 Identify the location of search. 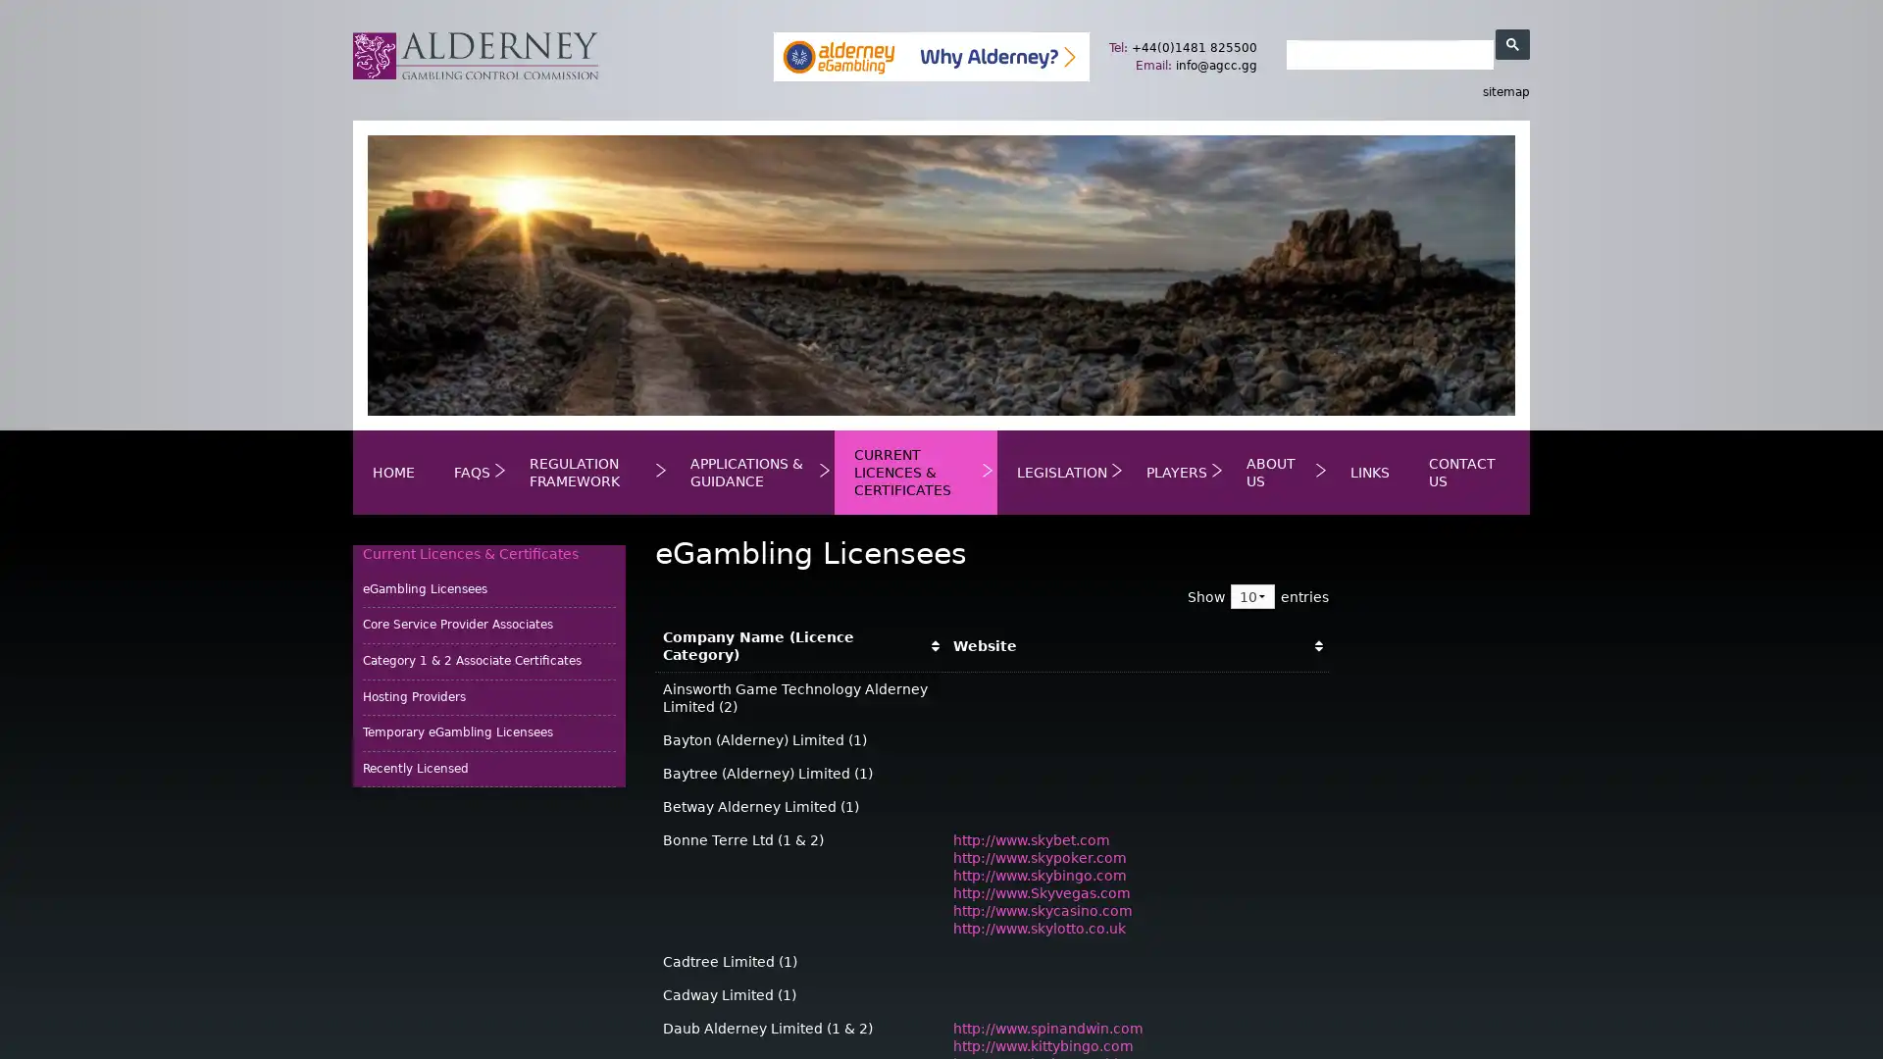
(1511, 44).